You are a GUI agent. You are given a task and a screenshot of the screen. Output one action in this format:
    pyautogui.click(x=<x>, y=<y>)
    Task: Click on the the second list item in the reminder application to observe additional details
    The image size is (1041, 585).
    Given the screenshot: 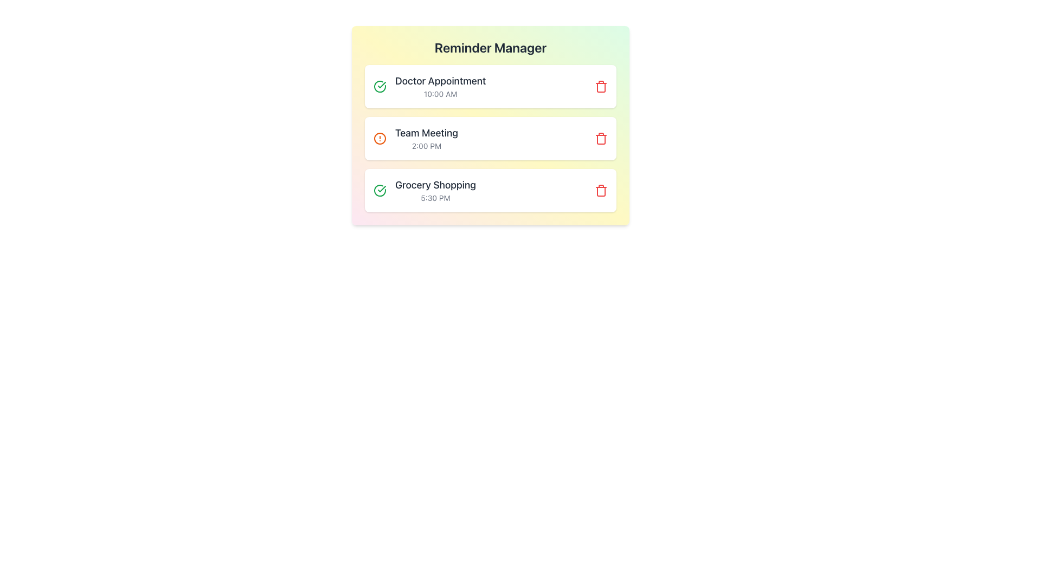 What is the action you would take?
    pyautogui.click(x=415, y=138)
    